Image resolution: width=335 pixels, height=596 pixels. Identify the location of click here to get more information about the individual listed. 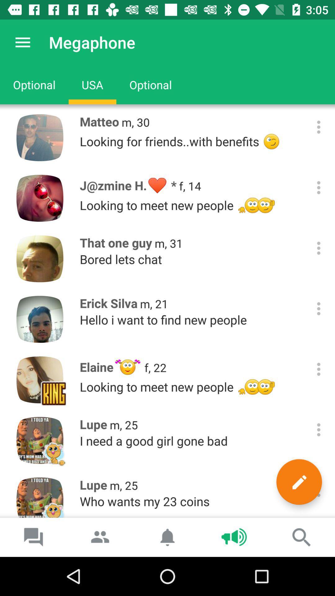
(319, 248).